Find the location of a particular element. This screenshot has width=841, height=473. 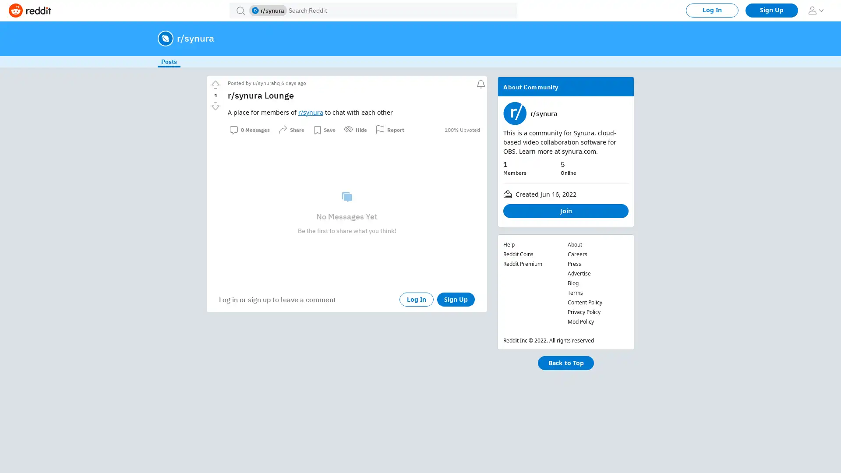

Log In is located at coordinates (416, 299).